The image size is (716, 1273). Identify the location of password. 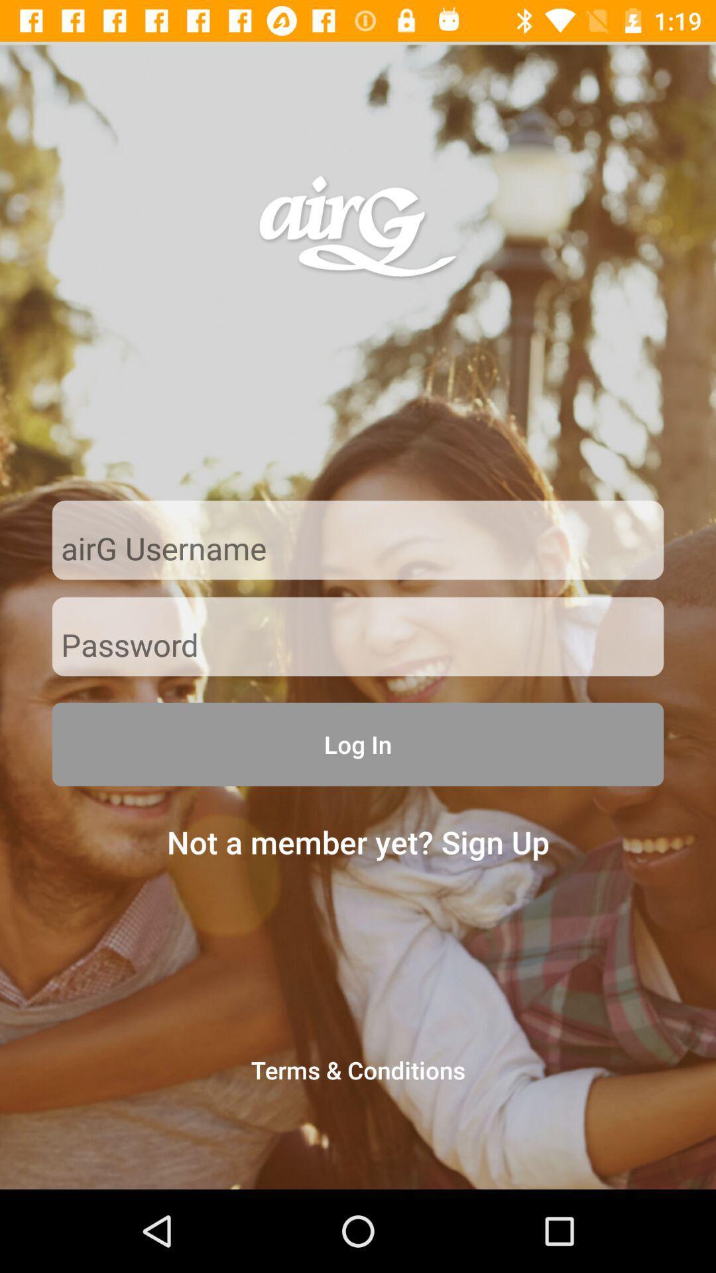
(358, 646).